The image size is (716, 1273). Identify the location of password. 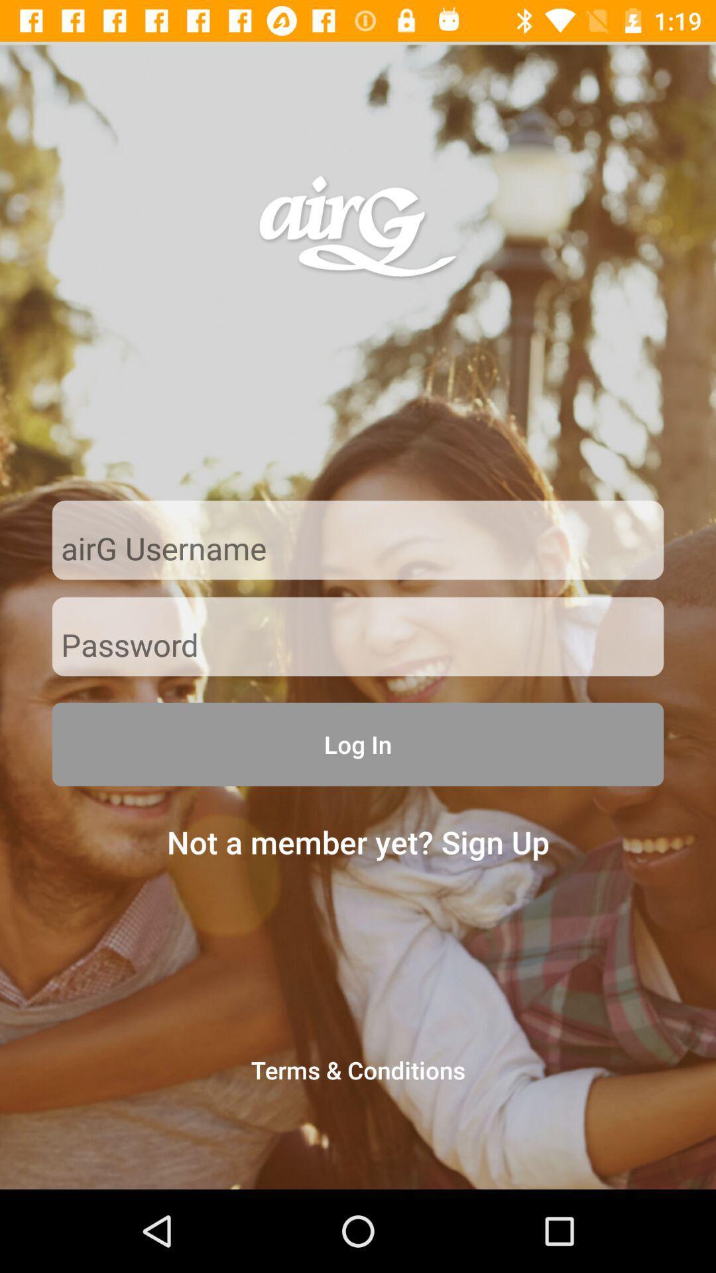
(358, 646).